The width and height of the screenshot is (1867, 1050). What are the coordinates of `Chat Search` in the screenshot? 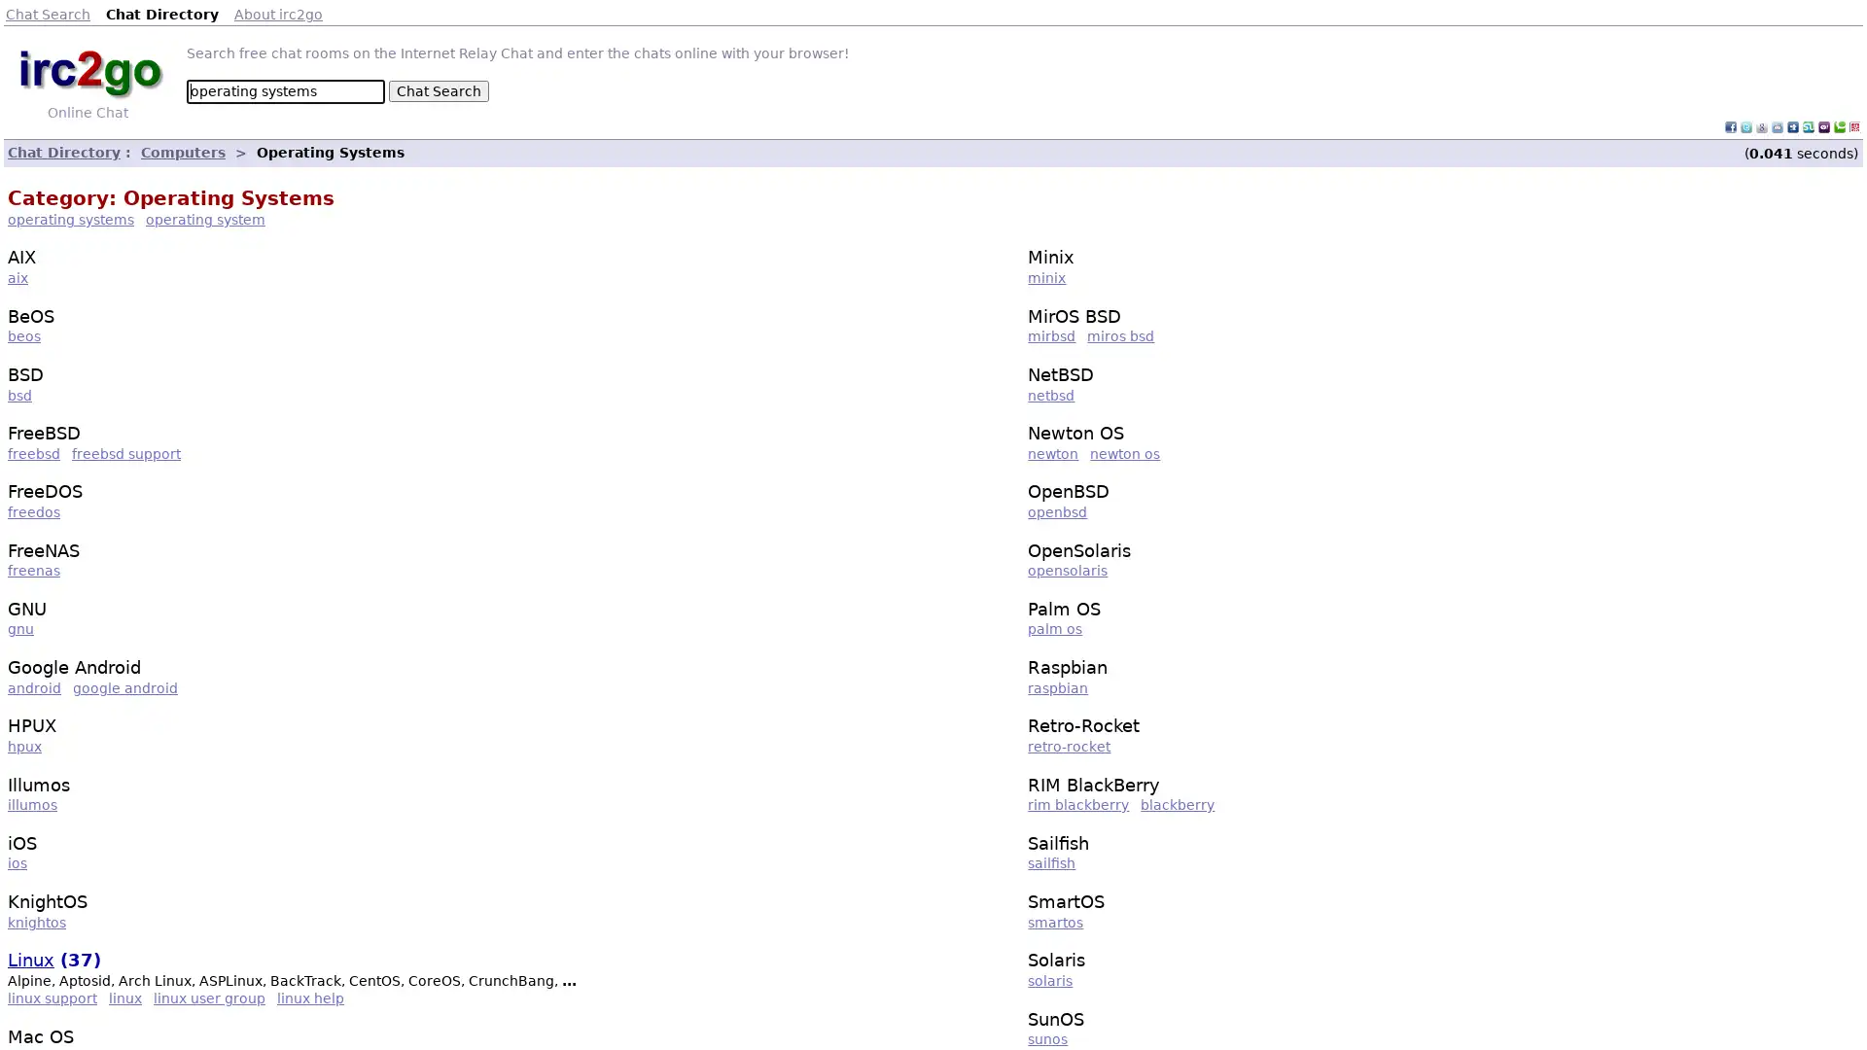 It's located at (438, 90).